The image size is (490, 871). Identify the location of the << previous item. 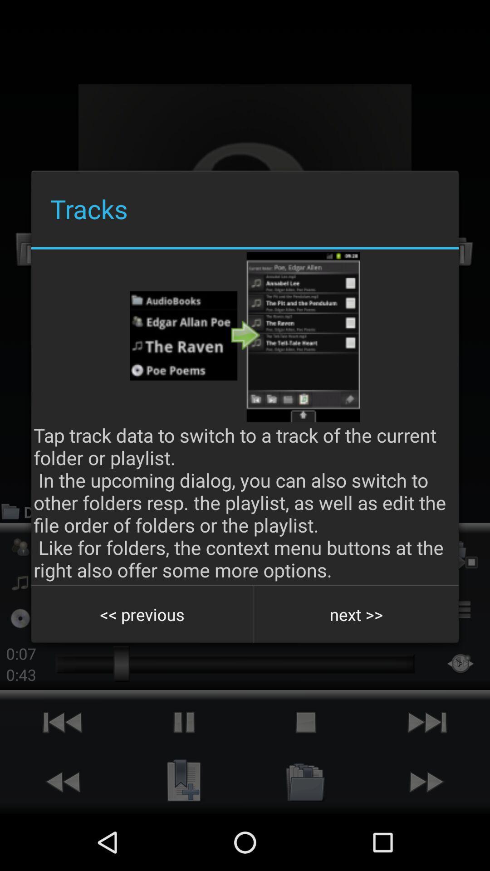
(142, 614).